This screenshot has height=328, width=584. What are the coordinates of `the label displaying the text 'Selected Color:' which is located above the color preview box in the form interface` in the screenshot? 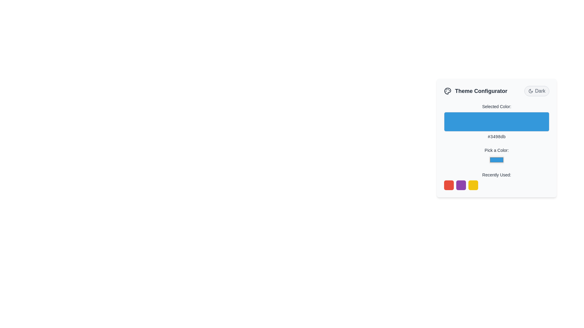 It's located at (496, 106).